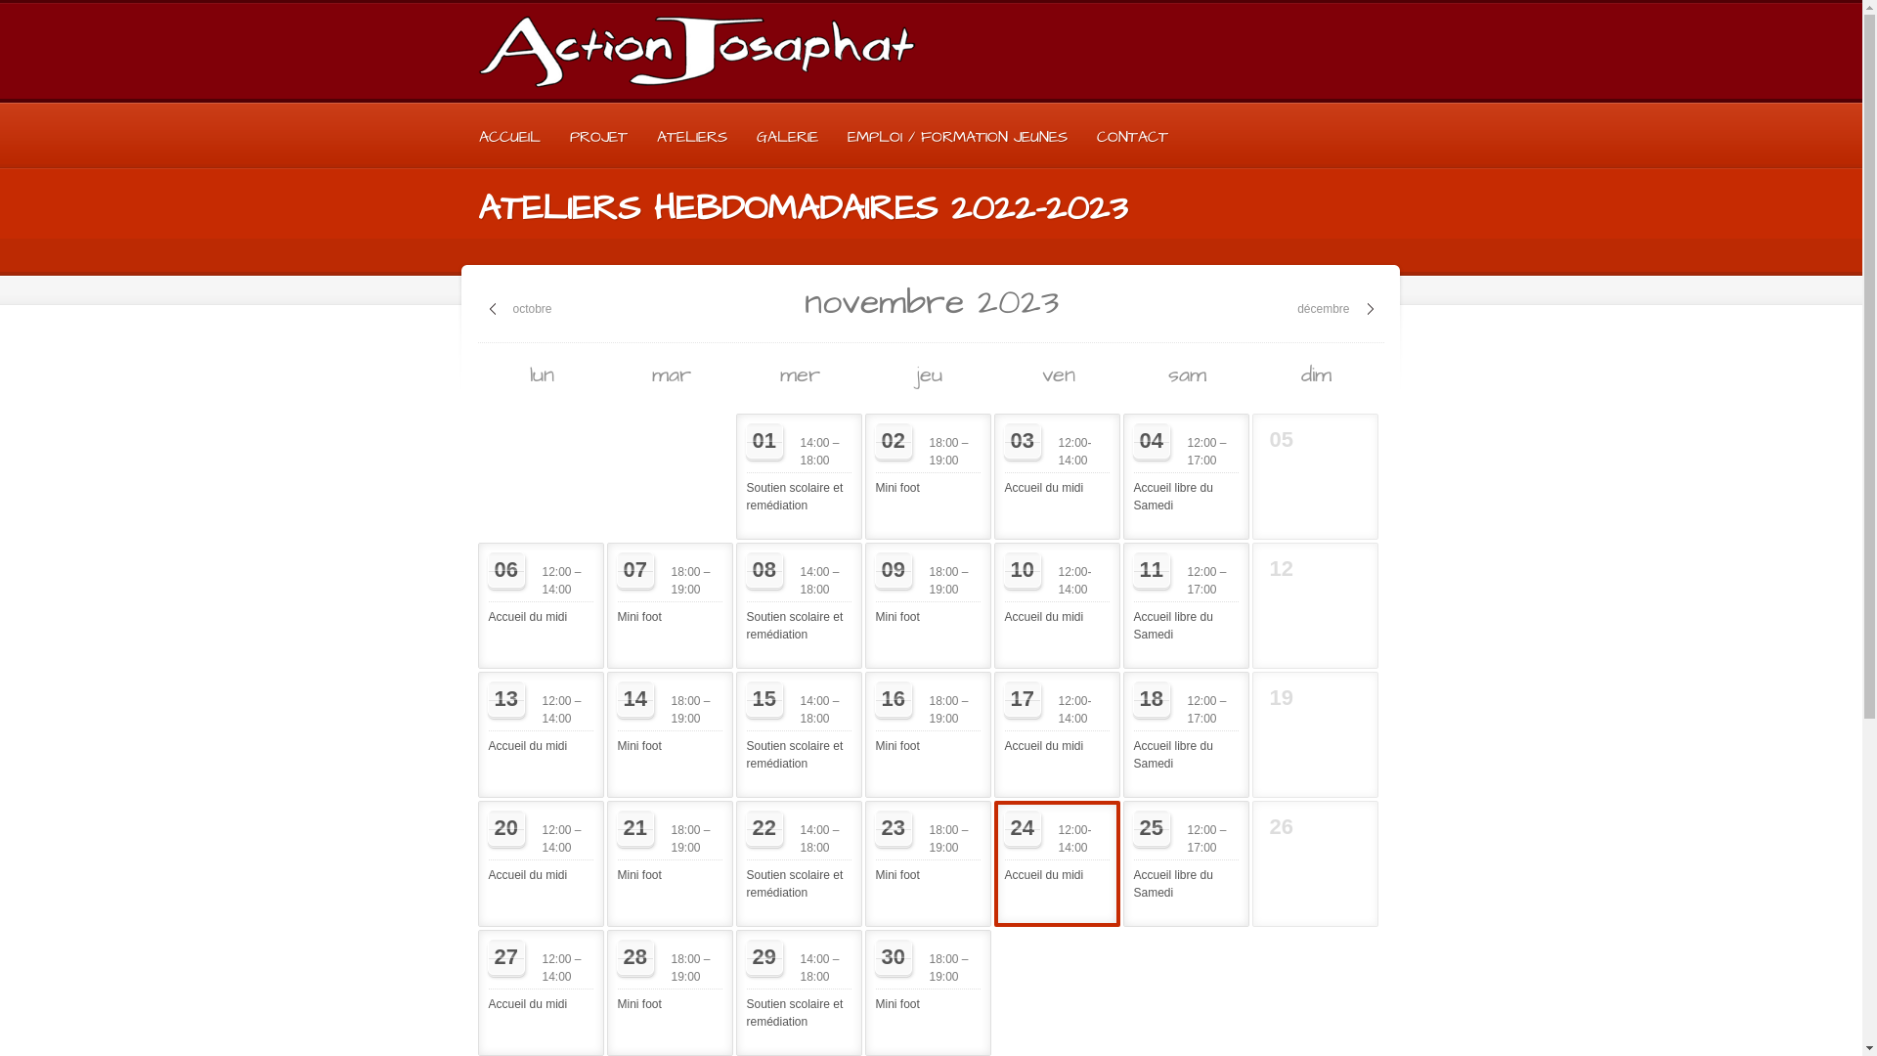 Image resolution: width=1877 pixels, height=1056 pixels. What do you see at coordinates (690, 135) in the screenshot?
I see `'ATELIERS'` at bounding box center [690, 135].